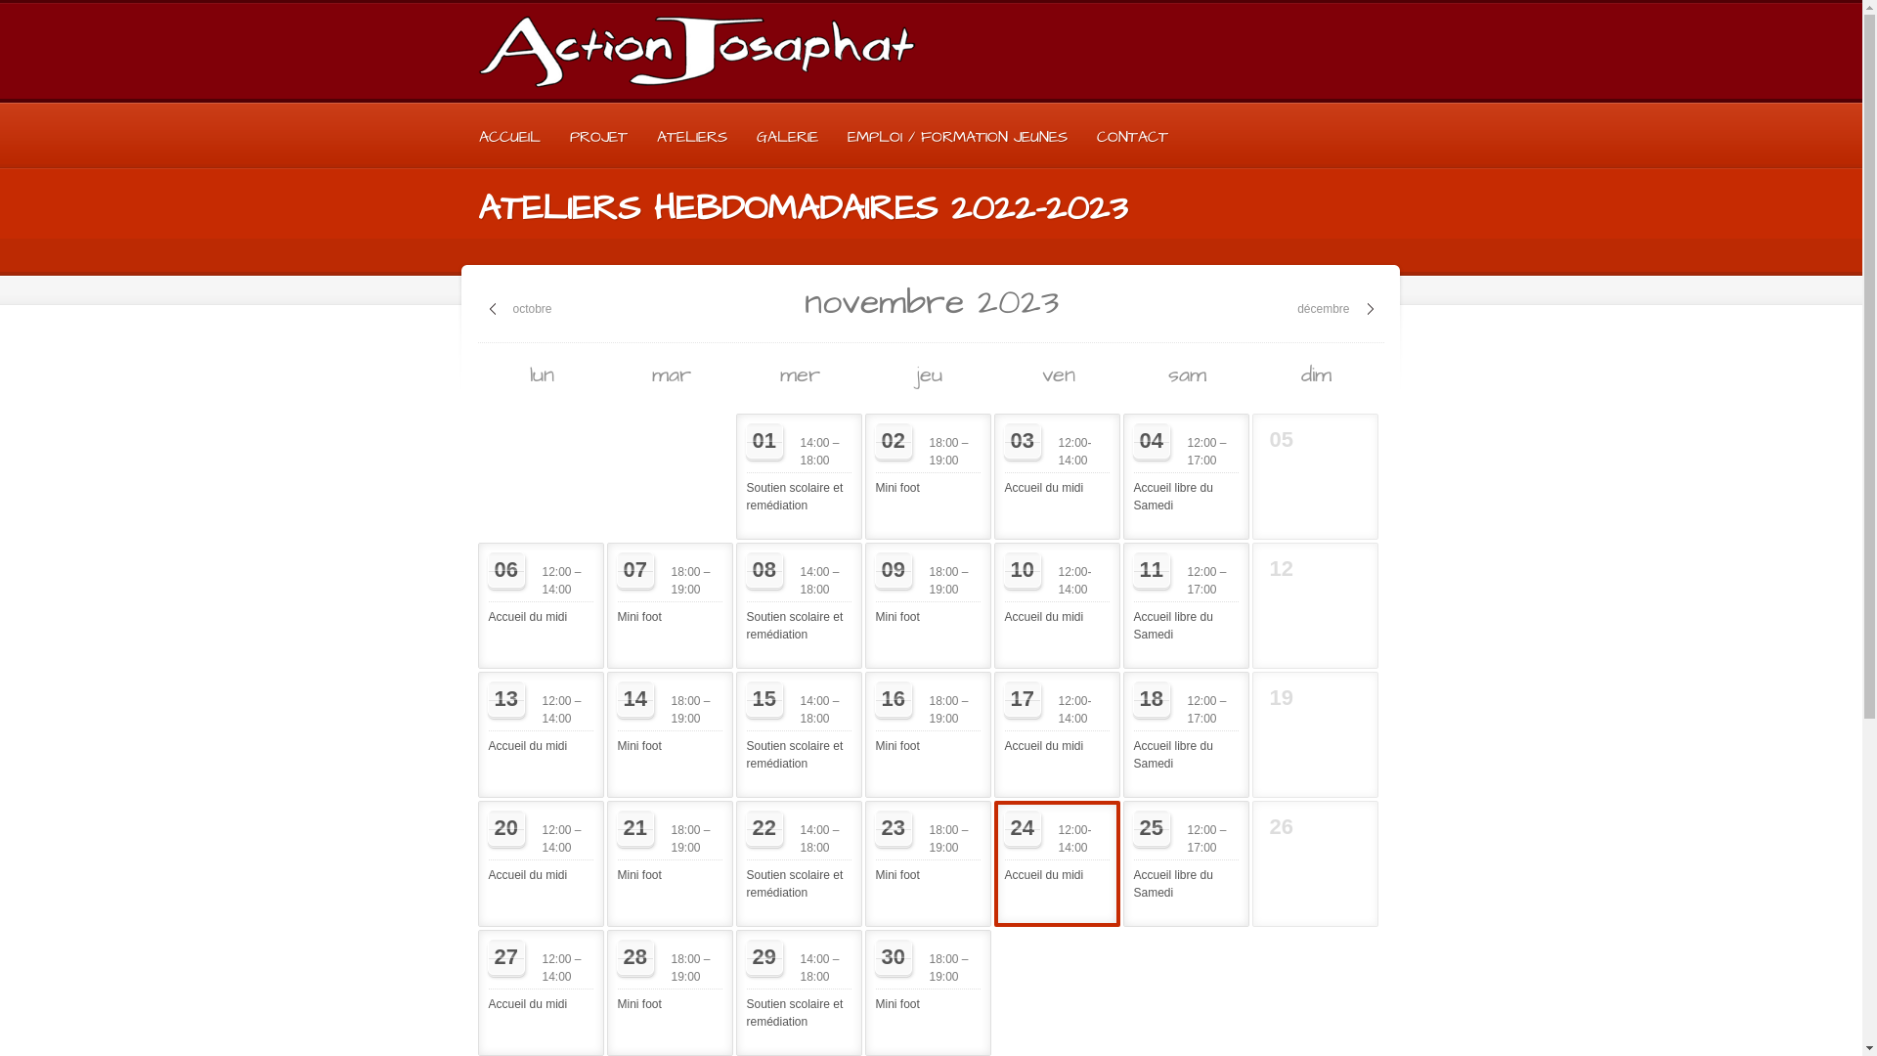 Image resolution: width=1877 pixels, height=1056 pixels. What do you see at coordinates (690, 135) in the screenshot?
I see `'ATELIERS'` at bounding box center [690, 135].